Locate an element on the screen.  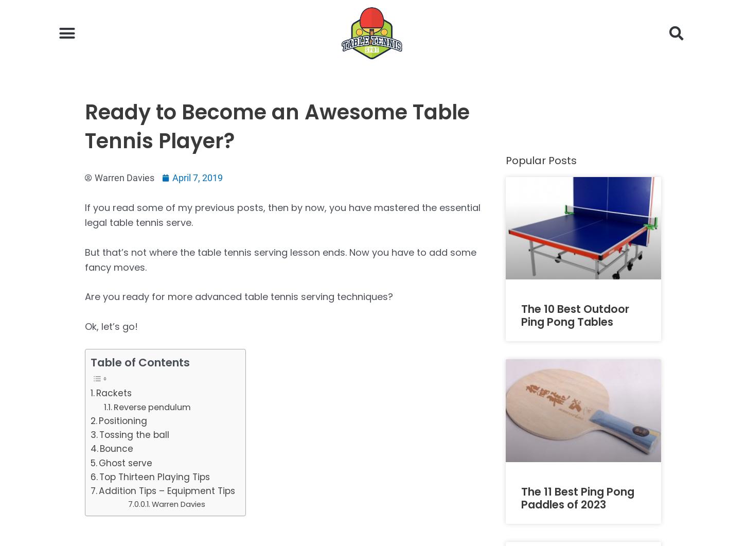
'The 11 Best Ping Pong Paddles of 2023' is located at coordinates (577, 497).